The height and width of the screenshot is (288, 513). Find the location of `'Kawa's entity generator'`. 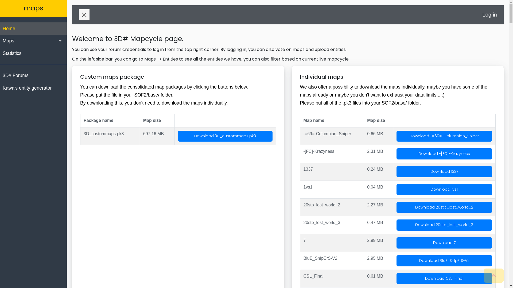

'Kawa's entity generator' is located at coordinates (33, 88).